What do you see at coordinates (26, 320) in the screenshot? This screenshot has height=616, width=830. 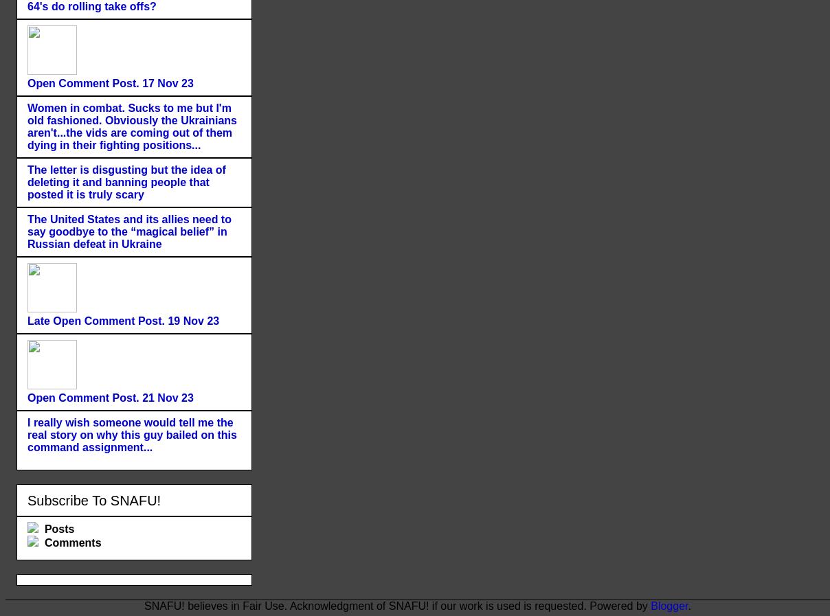 I see `'Late Open Comment Post.  19 Nov 23'` at bounding box center [26, 320].